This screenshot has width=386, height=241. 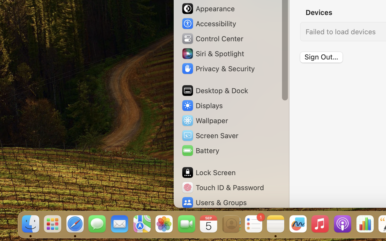 What do you see at coordinates (340, 31) in the screenshot?
I see `'Failed to load devices'` at bounding box center [340, 31].